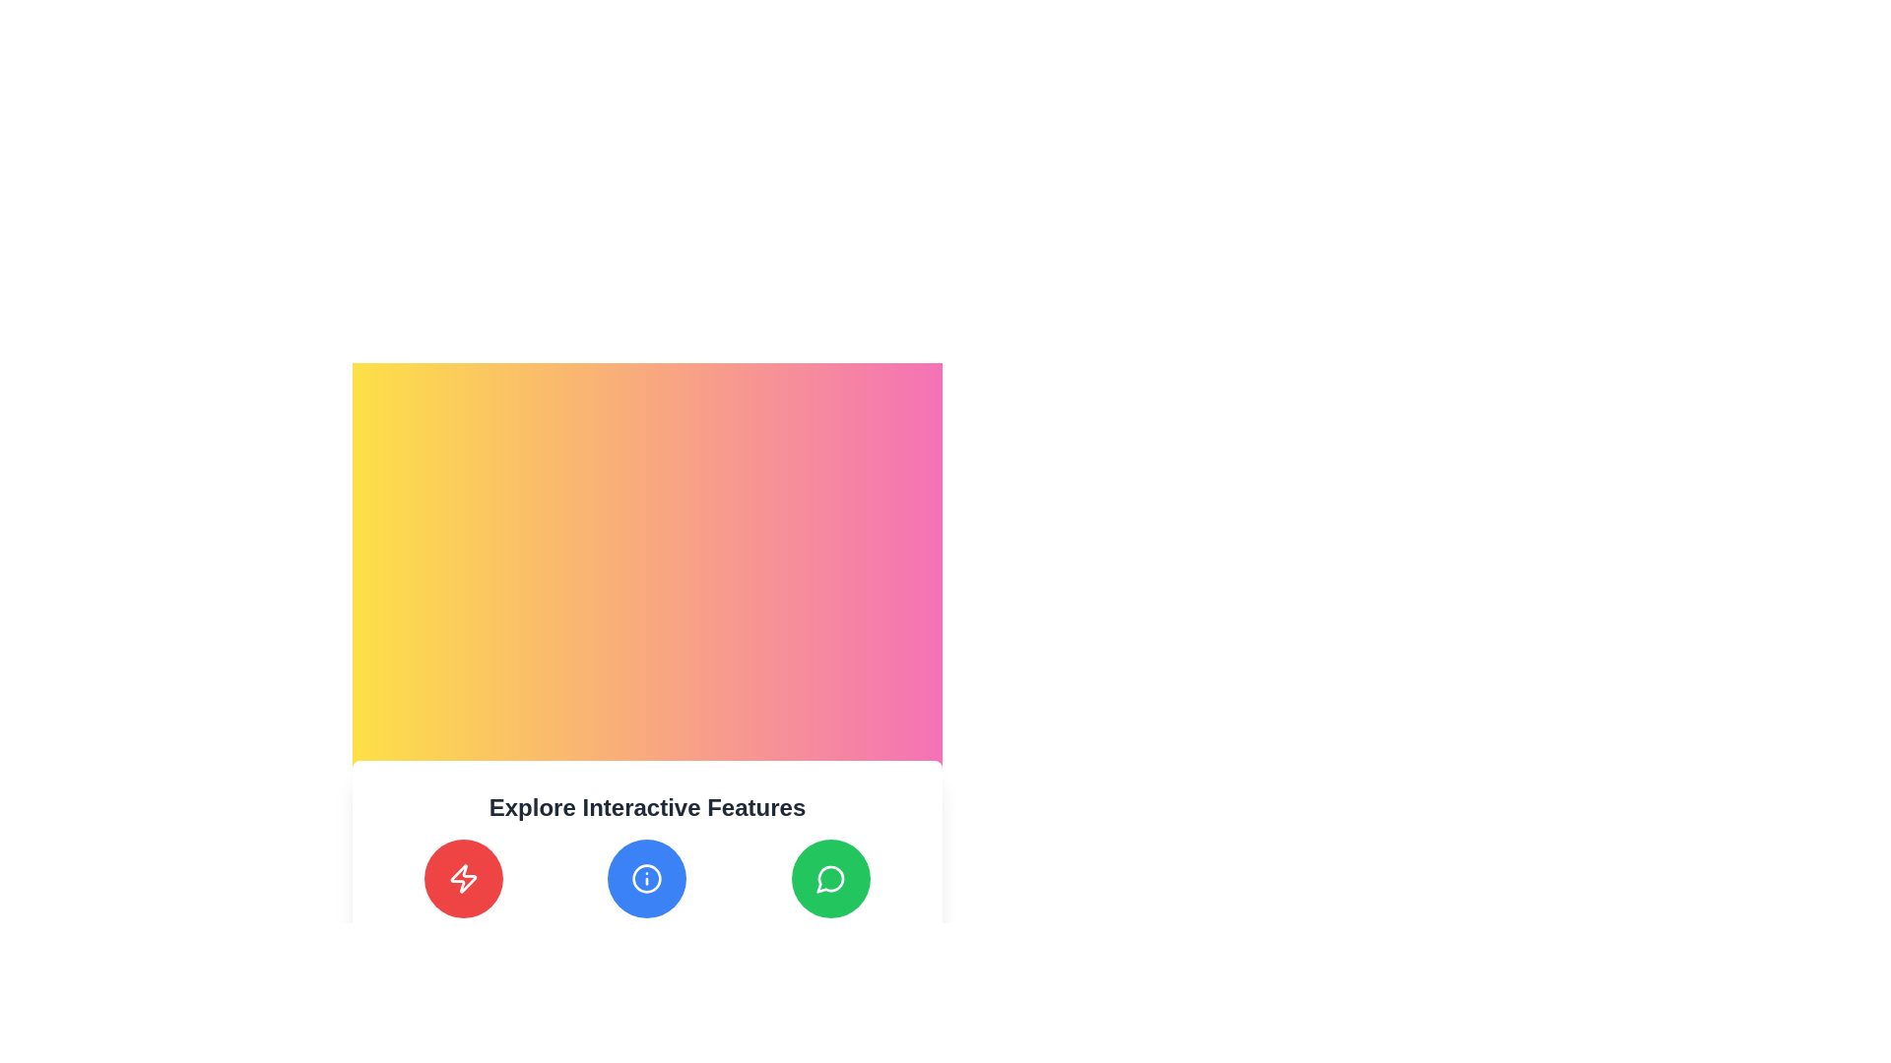  What do you see at coordinates (647, 878) in the screenshot?
I see `the middle circular button located below the 'Explore Interactive Features' header to visualize its hover state` at bounding box center [647, 878].